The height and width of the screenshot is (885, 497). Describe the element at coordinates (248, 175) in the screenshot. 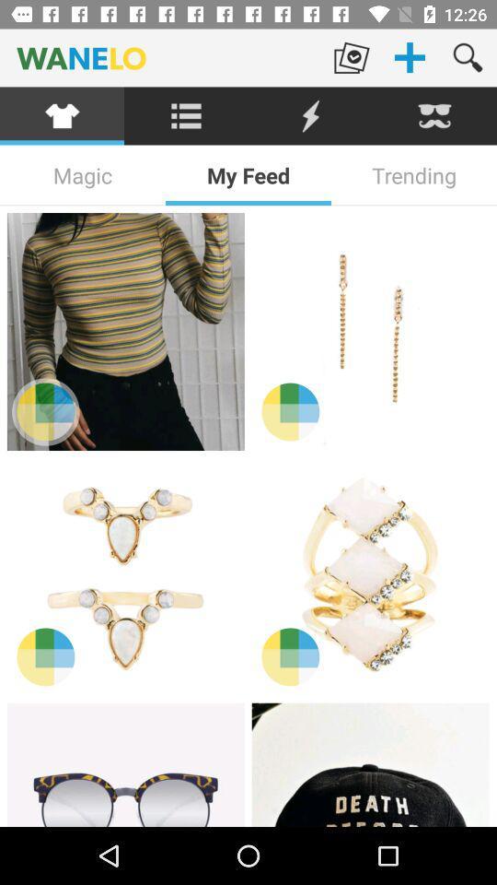

I see `the icon to the left of trending icon` at that location.